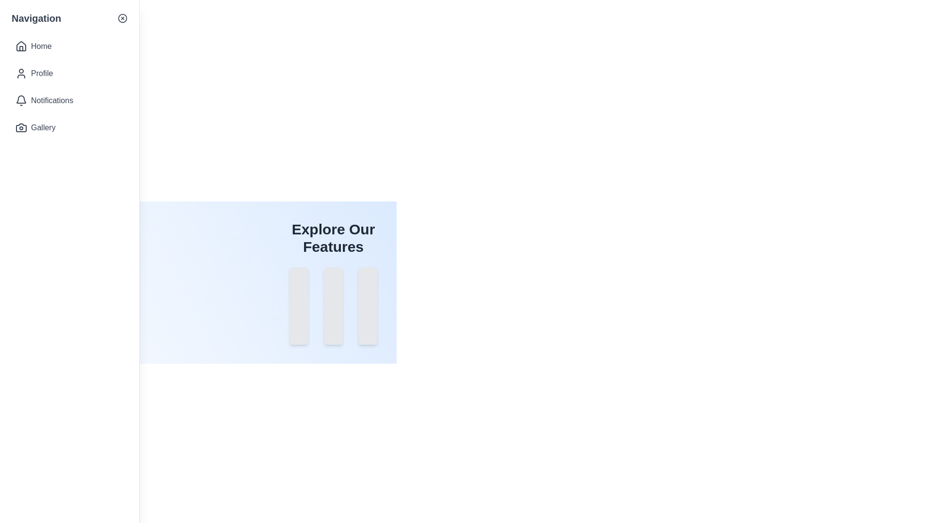 The width and height of the screenshot is (931, 523). What do you see at coordinates (43, 127) in the screenshot?
I see `the 'Gallery' text label in the vertical navigation menu, located under the 'Notifications' menu item` at bounding box center [43, 127].